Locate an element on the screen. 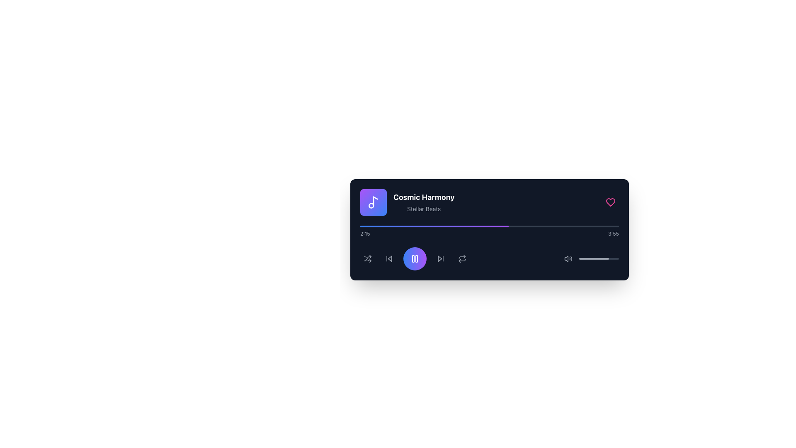 The width and height of the screenshot is (796, 448). the current playback position is located at coordinates (589, 226).